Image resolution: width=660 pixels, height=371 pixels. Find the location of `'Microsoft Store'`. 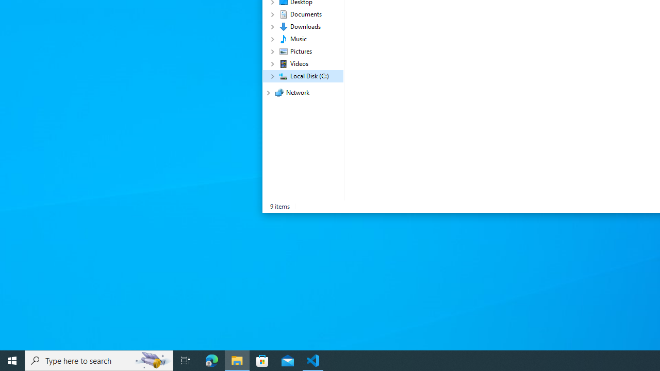

'Microsoft Store' is located at coordinates (262, 360).